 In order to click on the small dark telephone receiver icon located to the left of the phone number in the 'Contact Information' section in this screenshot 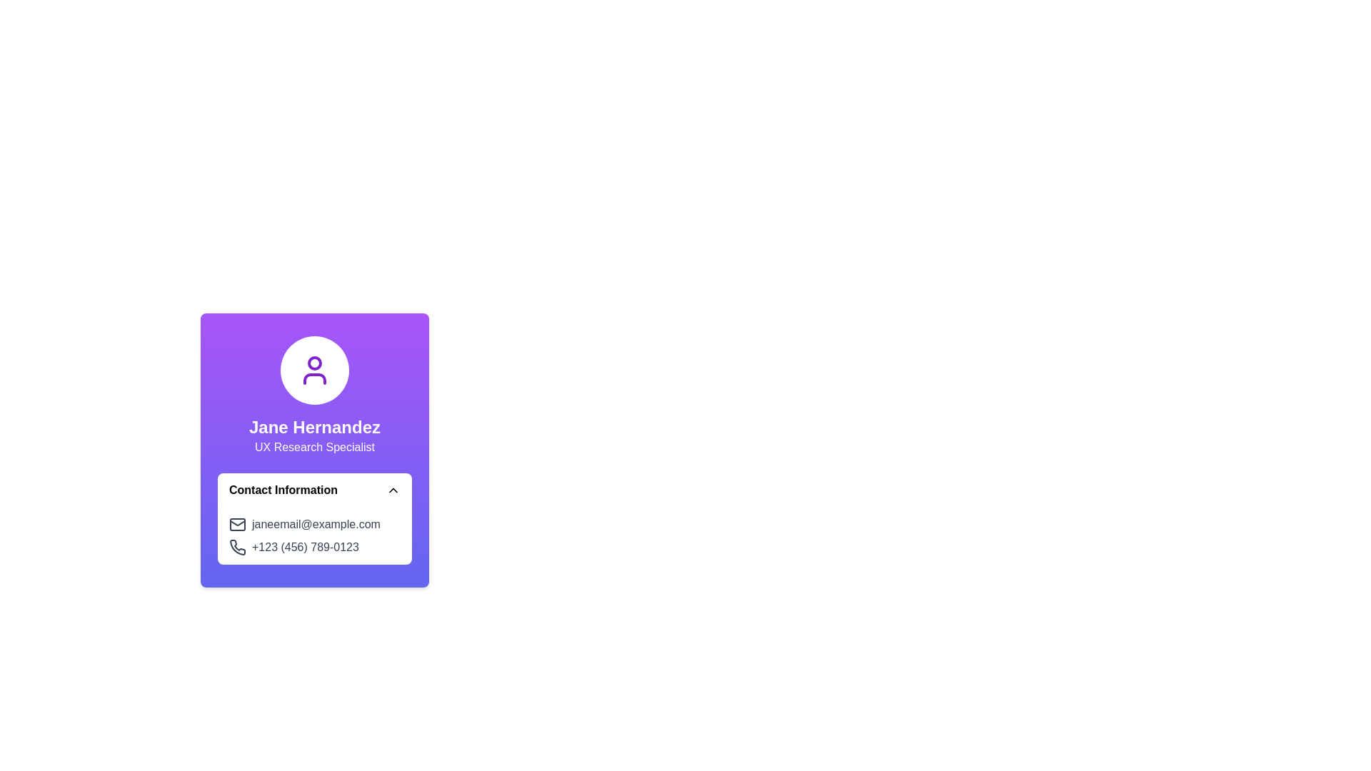, I will do `click(238, 546)`.